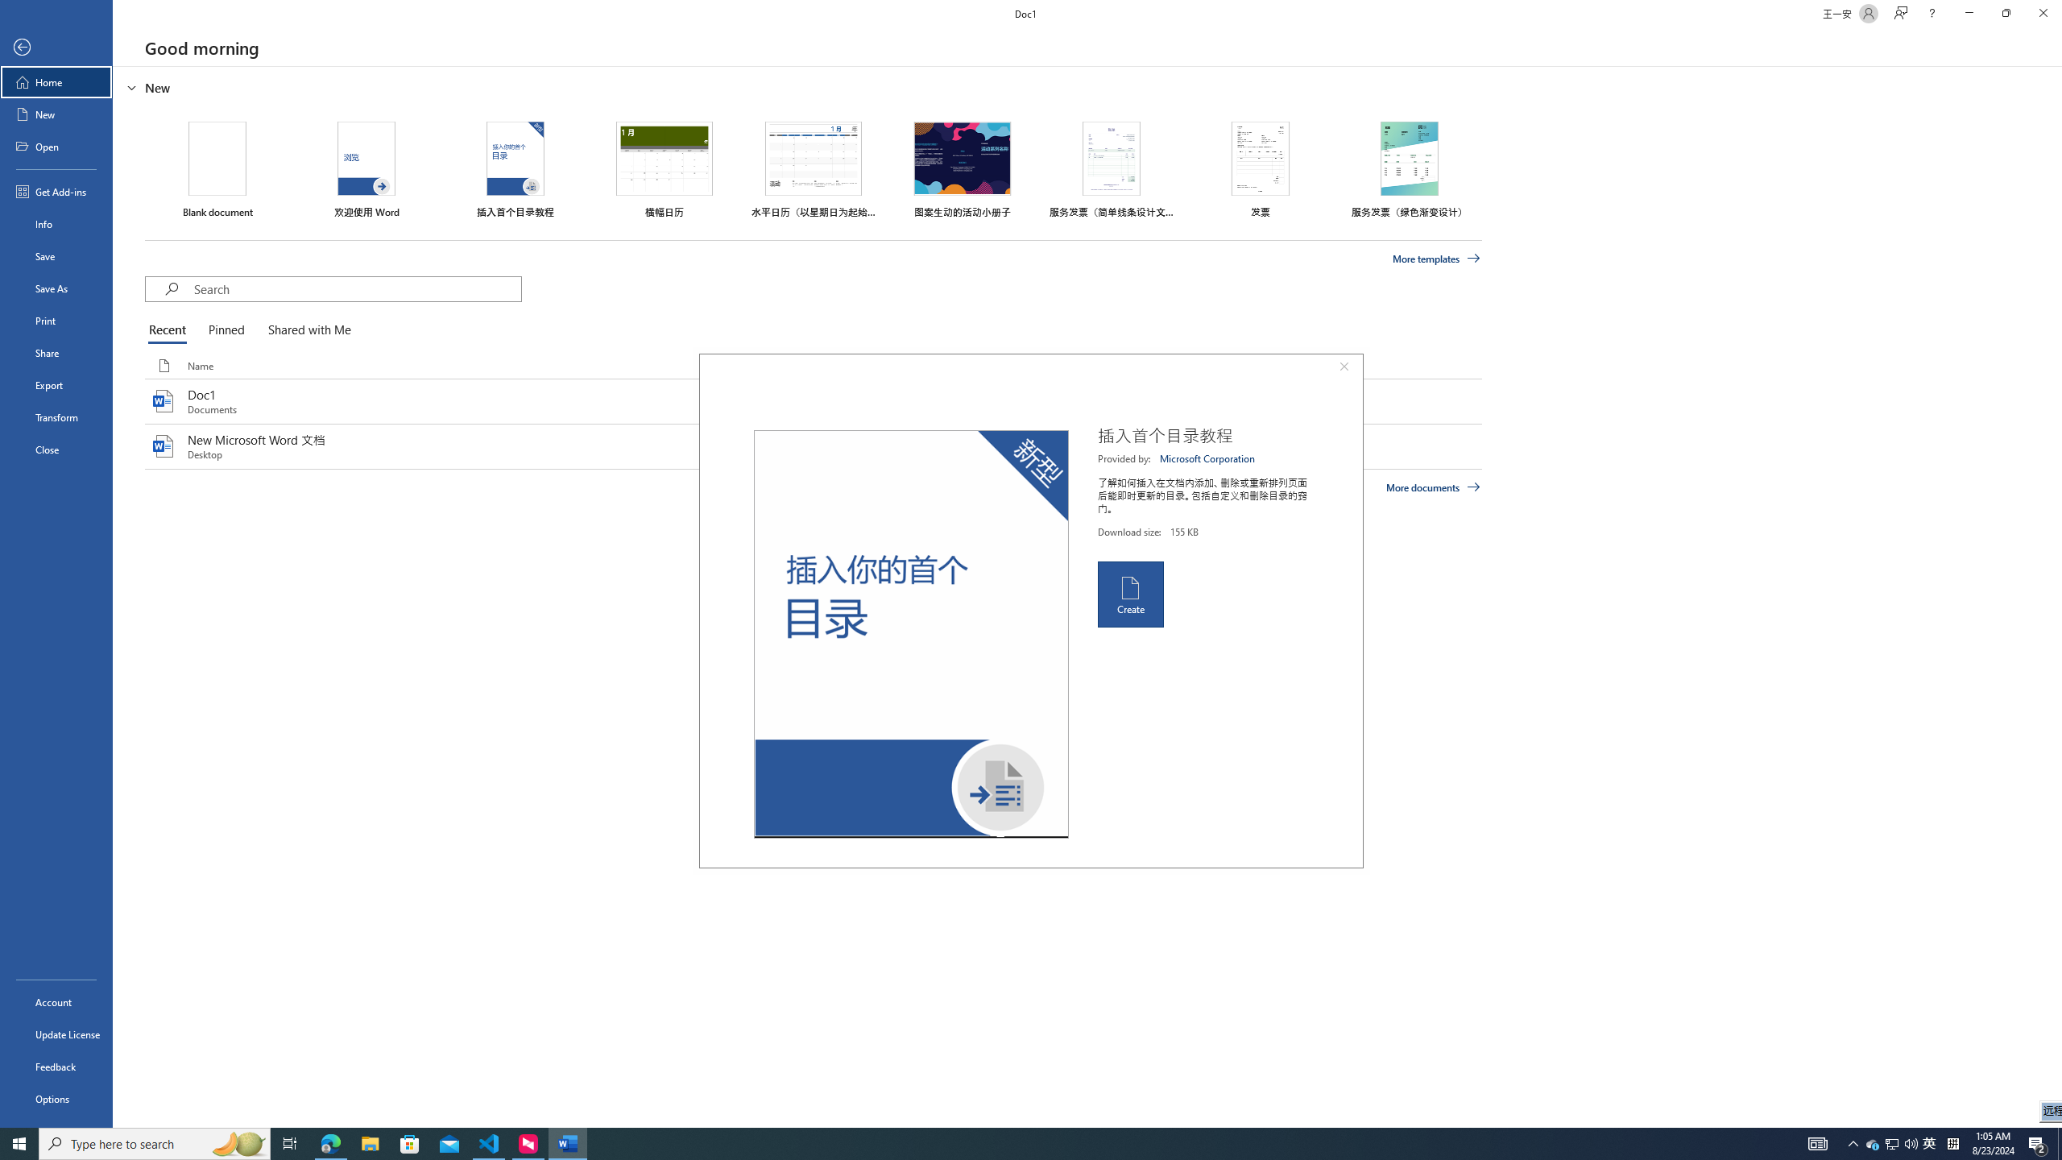 This screenshot has width=2062, height=1160. What do you see at coordinates (56, 1034) in the screenshot?
I see `'Update License'` at bounding box center [56, 1034].